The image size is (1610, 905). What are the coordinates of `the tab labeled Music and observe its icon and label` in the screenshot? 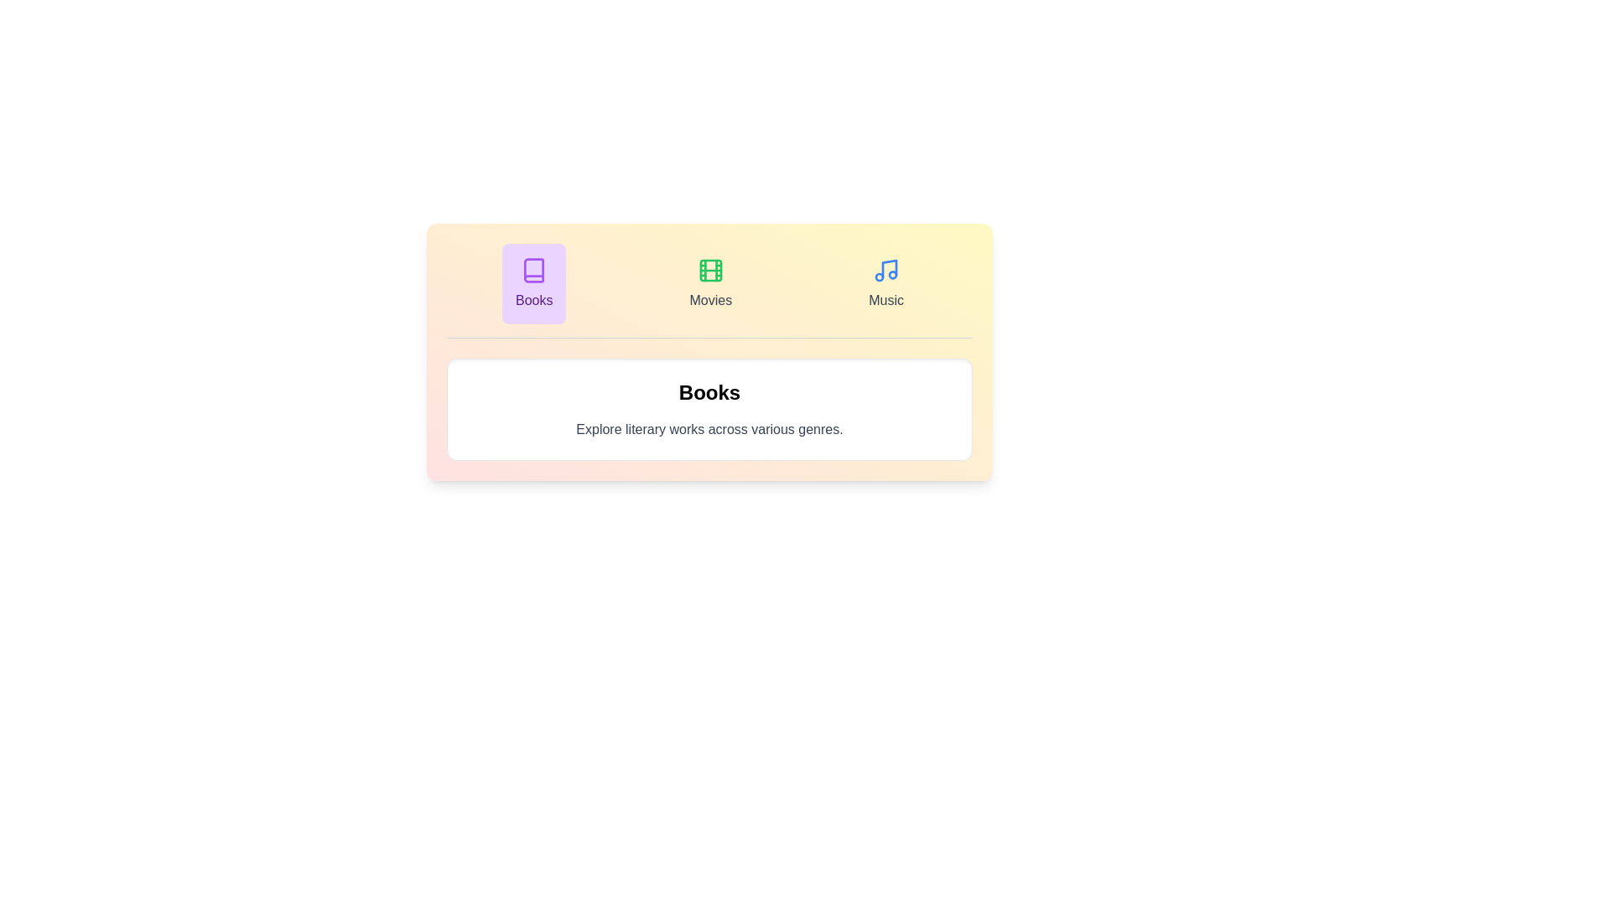 It's located at (885, 283).